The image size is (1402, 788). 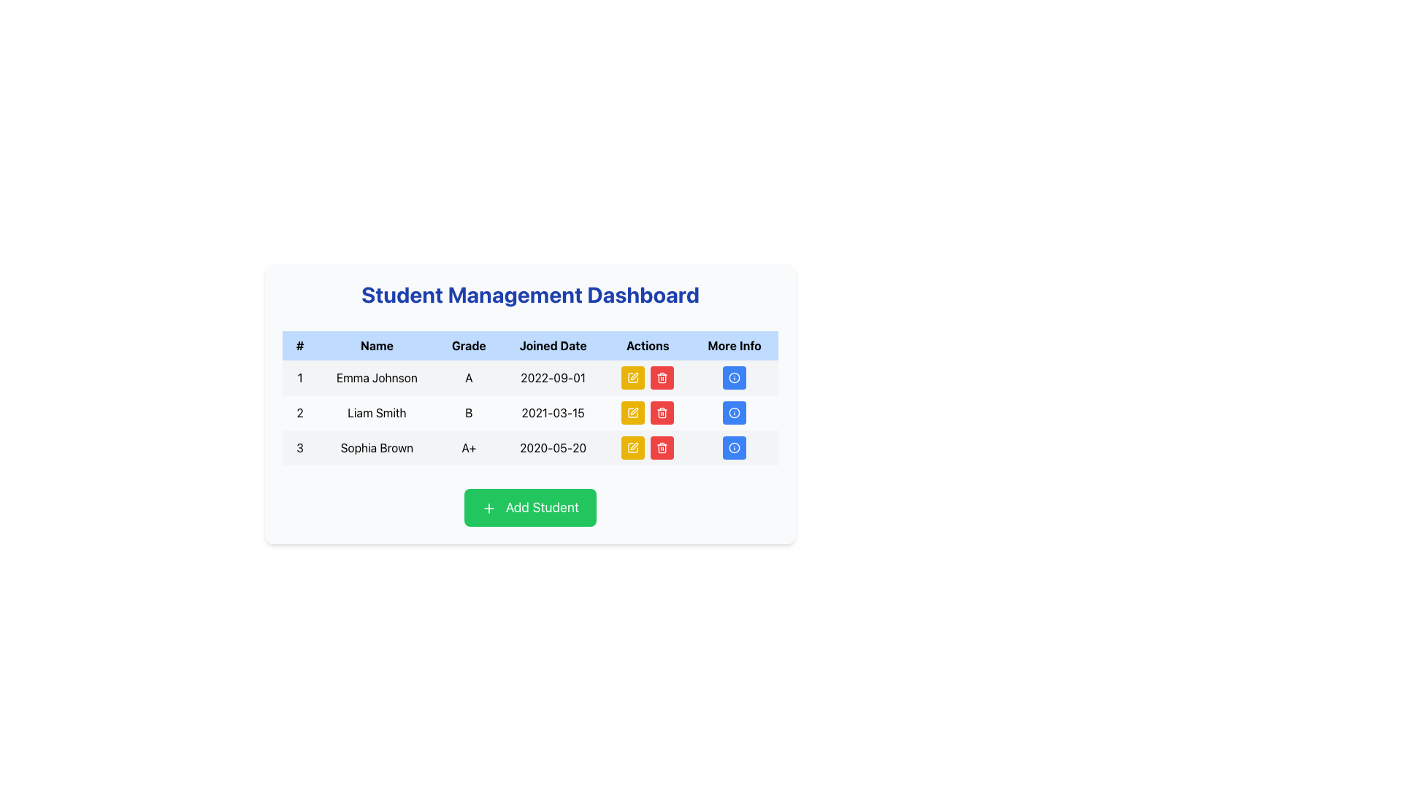 I want to click on the Information Icon Button located in the 'More Info' column of the second row, so click(x=735, y=413).